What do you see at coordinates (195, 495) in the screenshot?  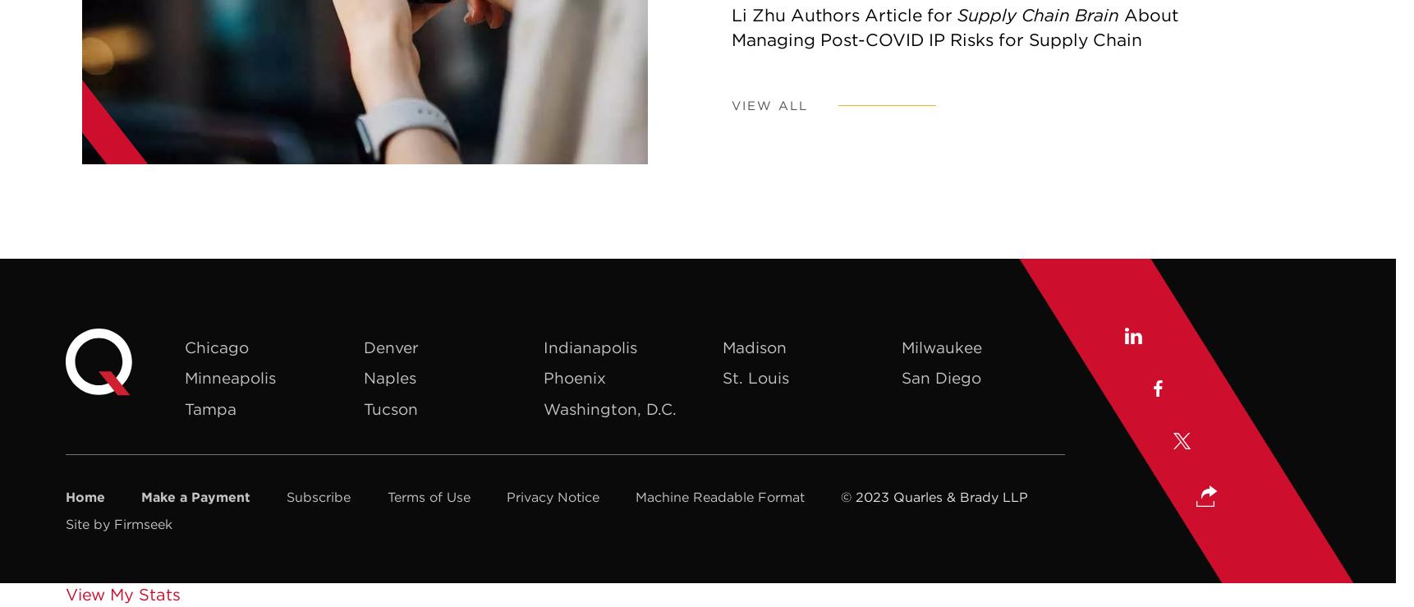 I see `'Make a Payment'` at bounding box center [195, 495].